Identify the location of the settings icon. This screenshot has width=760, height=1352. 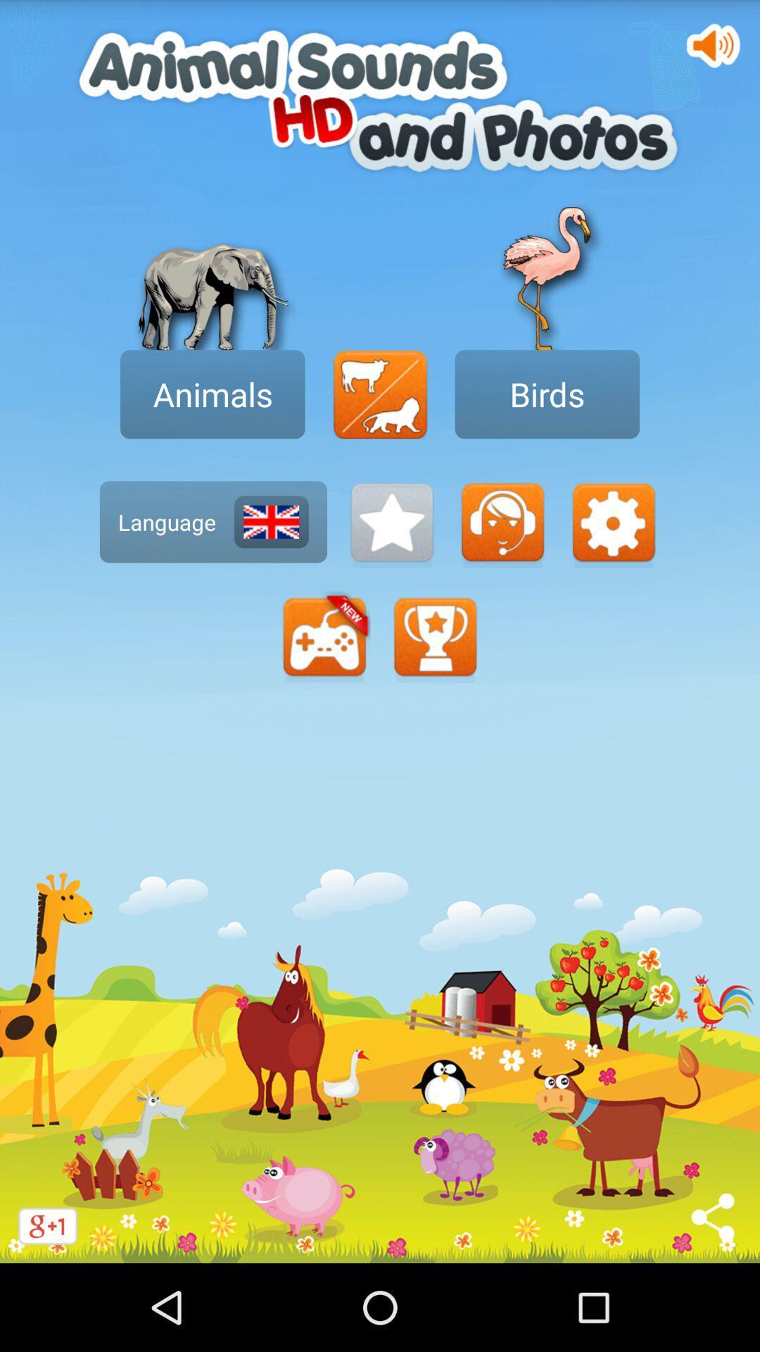
(612, 558).